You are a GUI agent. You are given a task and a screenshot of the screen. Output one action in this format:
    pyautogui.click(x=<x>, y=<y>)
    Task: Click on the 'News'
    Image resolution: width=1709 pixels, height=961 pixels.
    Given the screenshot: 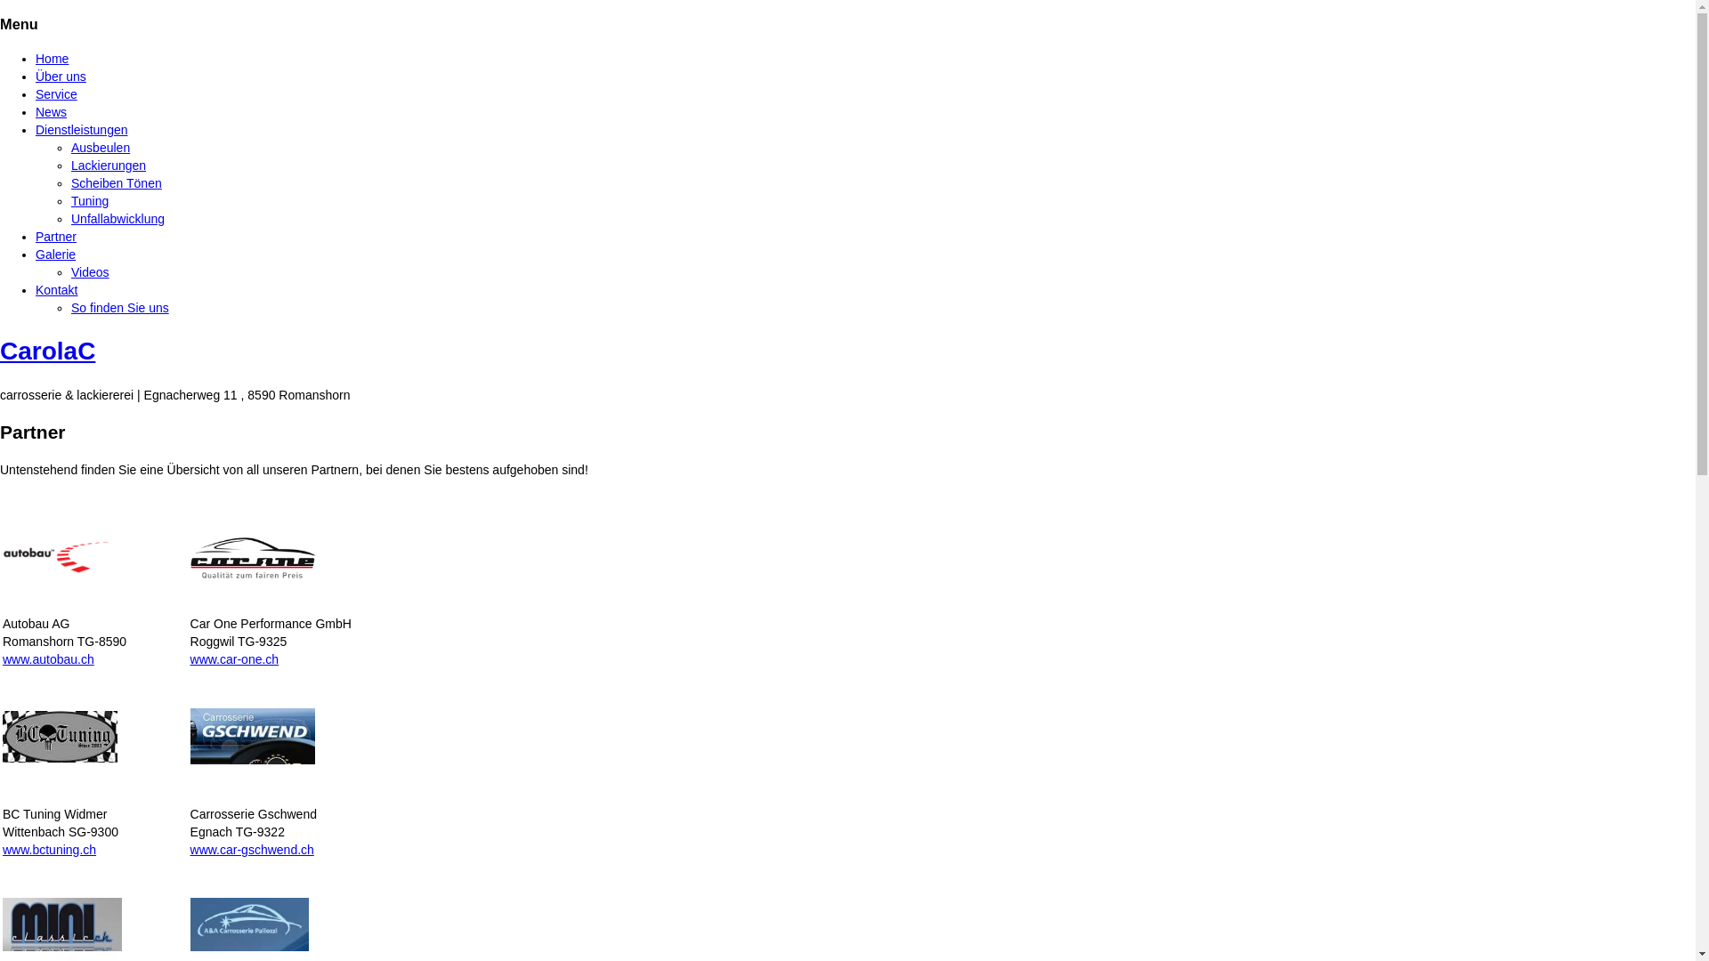 What is the action you would take?
    pyautogui.click(x=51, y=112)
    